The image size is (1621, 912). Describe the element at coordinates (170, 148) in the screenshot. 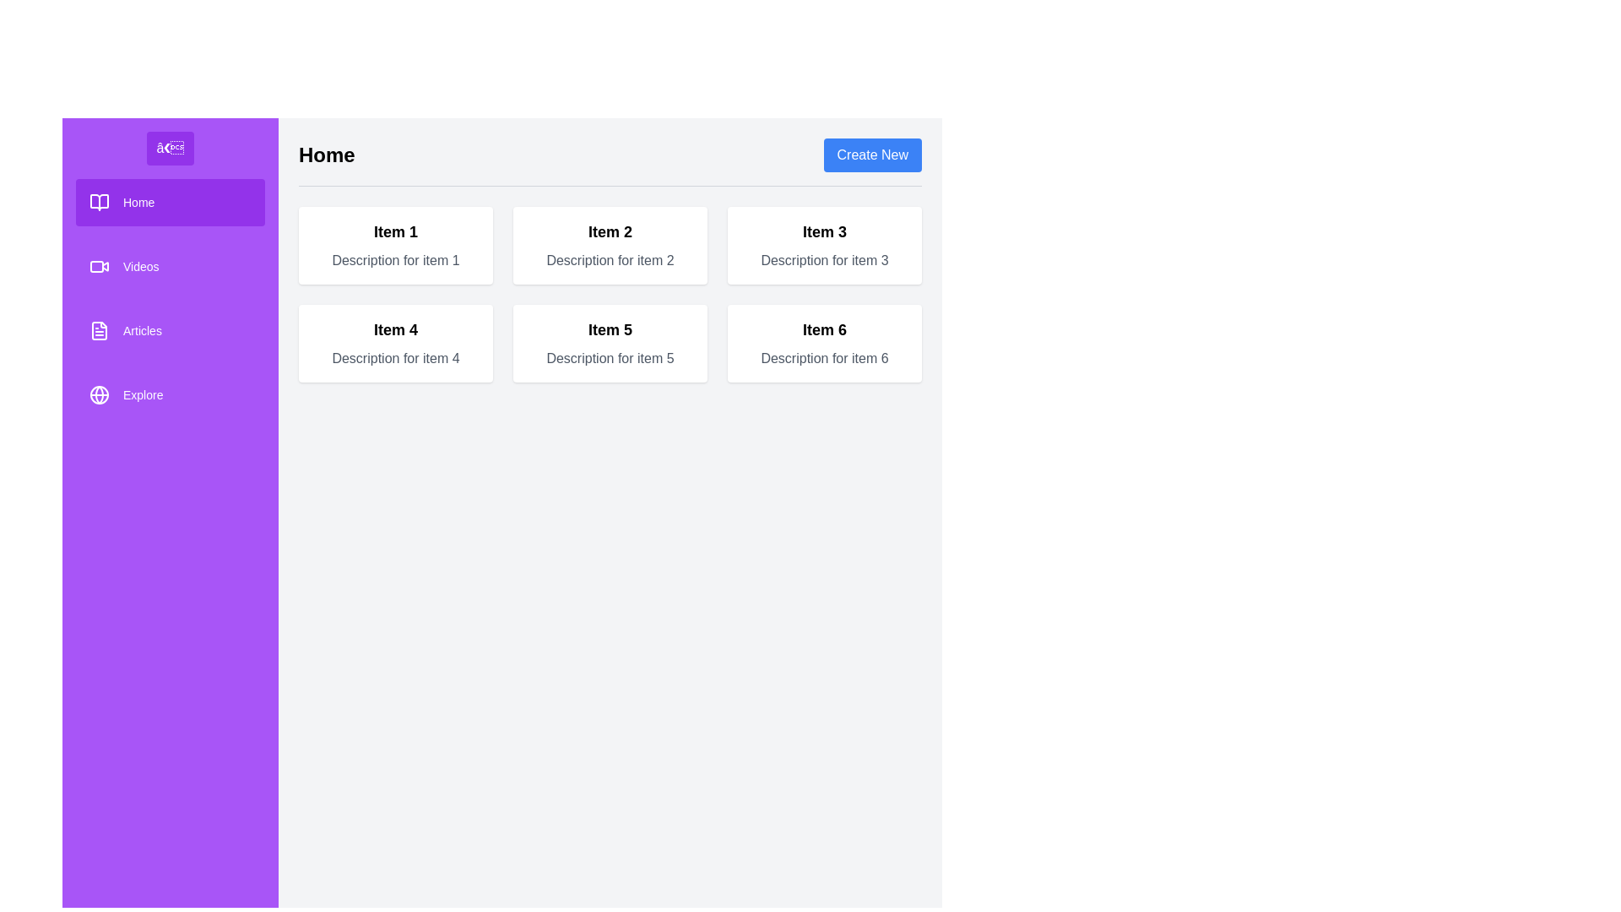

I see `the button with a purple background and a left-pointing arrow character, located at the top-left corner of the interface, to trigger hover effects` at that location.